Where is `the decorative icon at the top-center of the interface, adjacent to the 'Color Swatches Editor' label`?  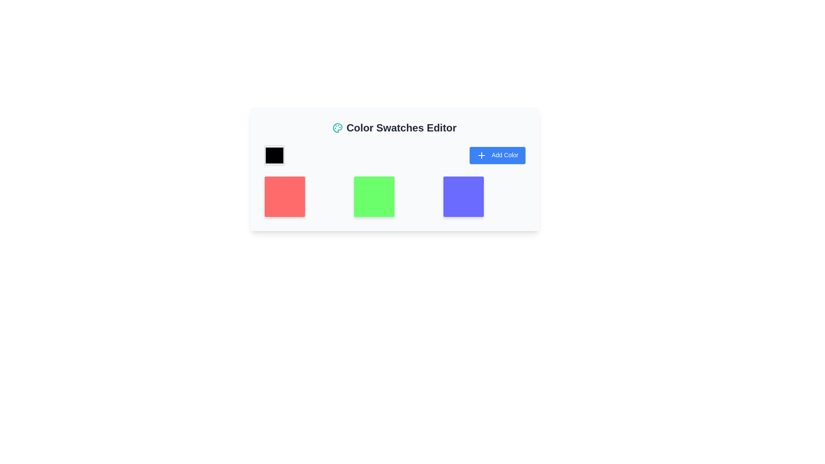
the decorative icon at the top-center of the interface, adjacent to the 'Color Swatches Editor' label is located at coordinates (337, 128).